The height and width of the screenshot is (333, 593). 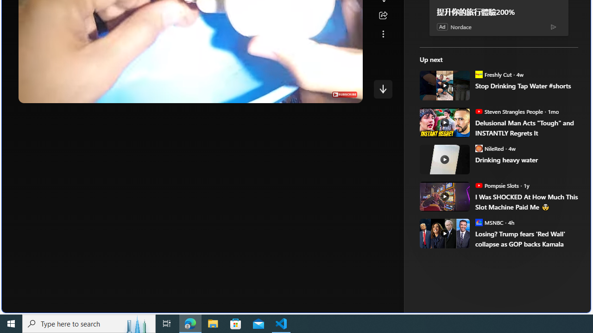 I want to click on 'Full screen (f)', so click(x=347, y=94).